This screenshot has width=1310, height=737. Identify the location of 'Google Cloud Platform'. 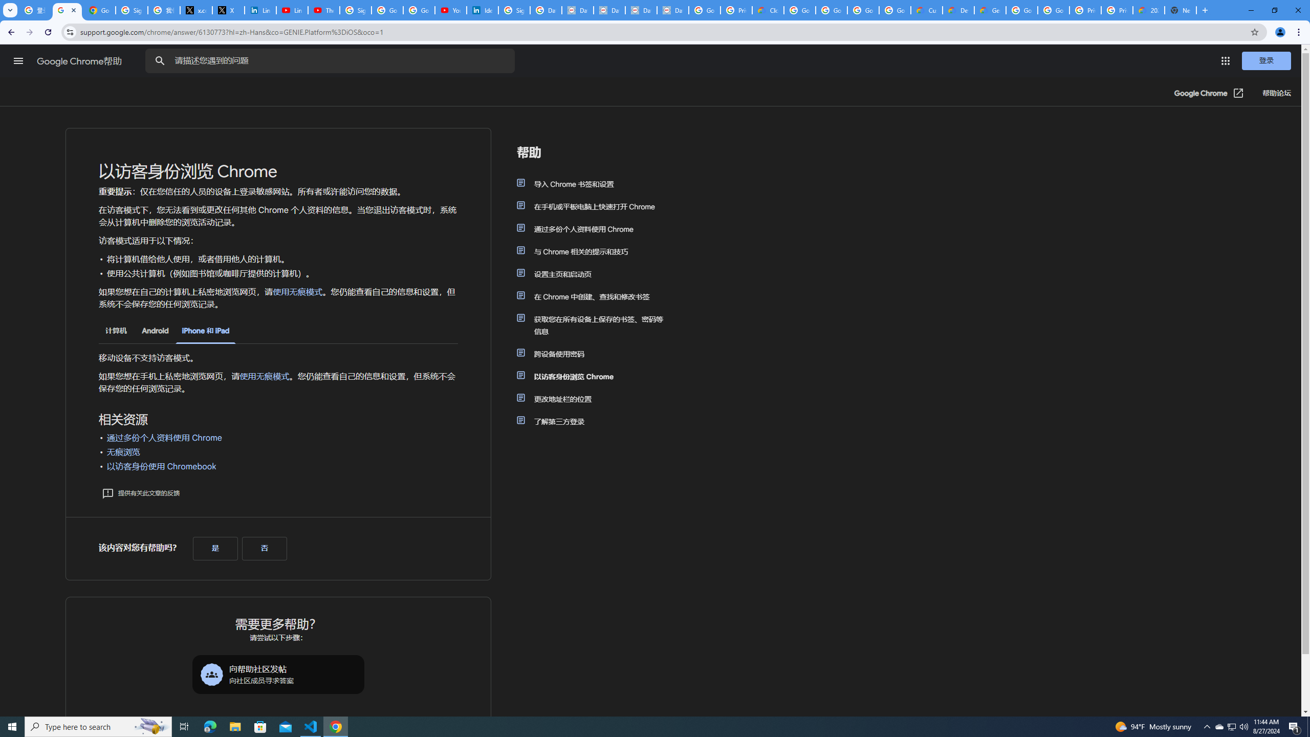
(1021, 10).